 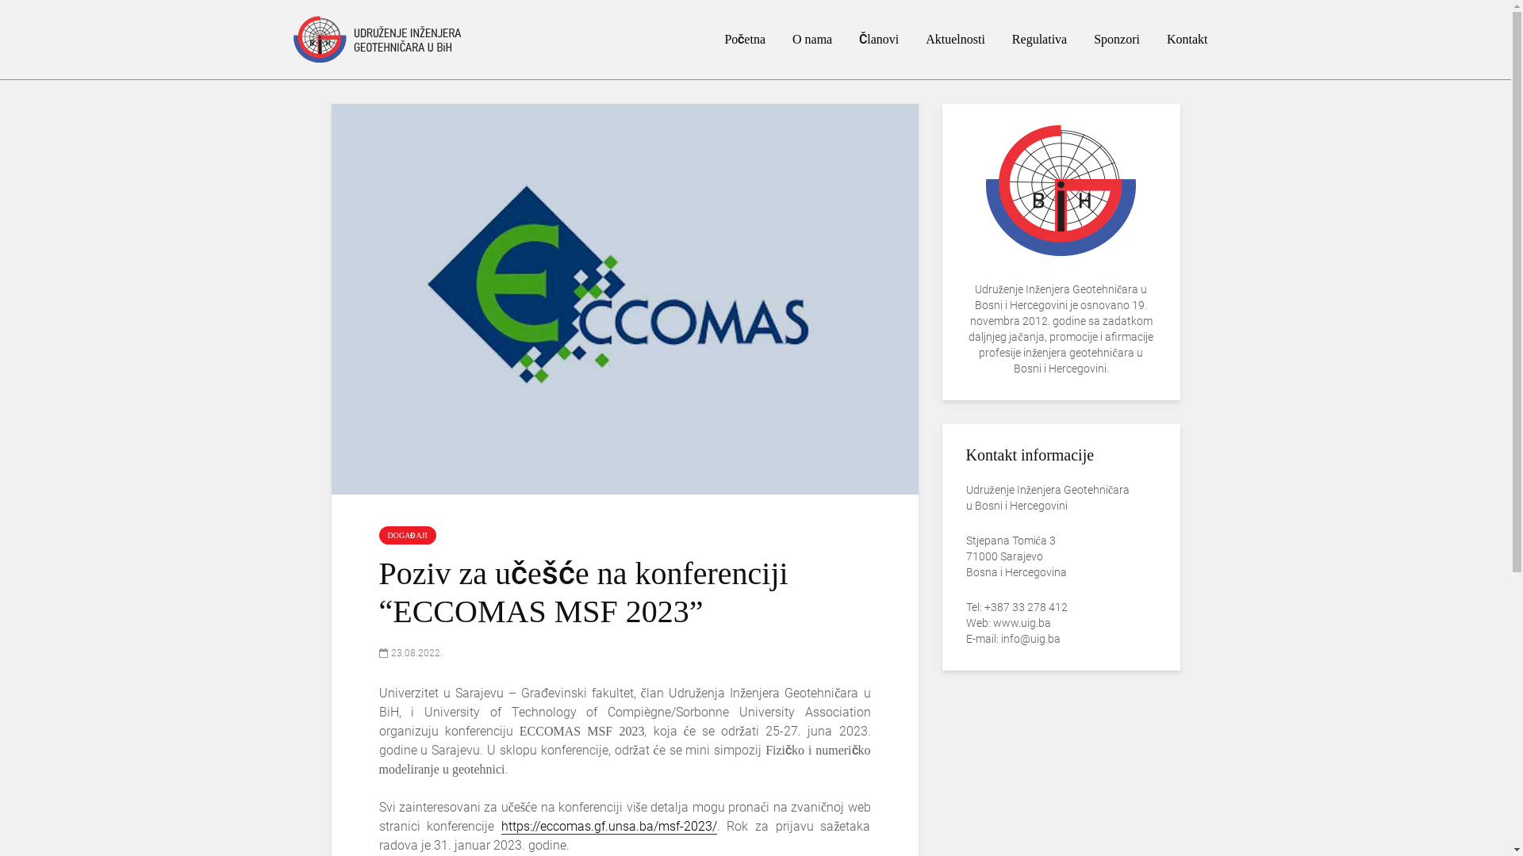 I want to click on 'Sponzori', so click(x=1115, y=39).